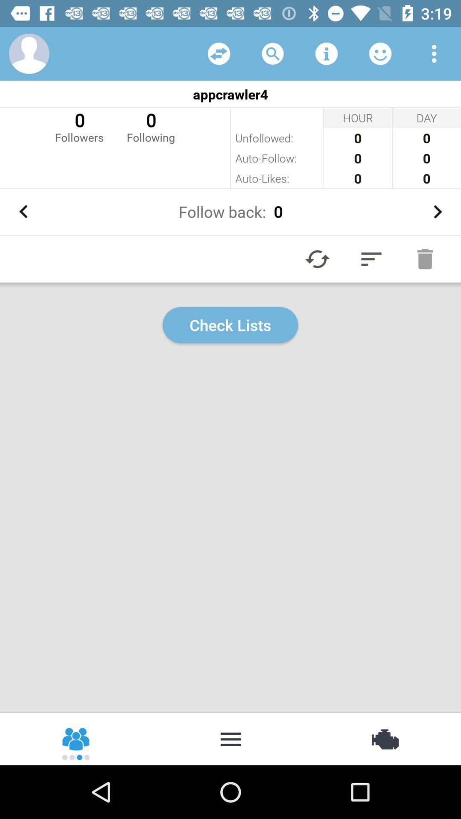  Describe the element at coordinates (326, 53) in the screenshot. I see `tap for information` at that location.